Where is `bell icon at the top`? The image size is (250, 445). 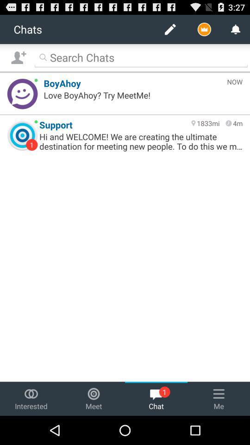 bell icon at the top is located at coordinates (236, 29).